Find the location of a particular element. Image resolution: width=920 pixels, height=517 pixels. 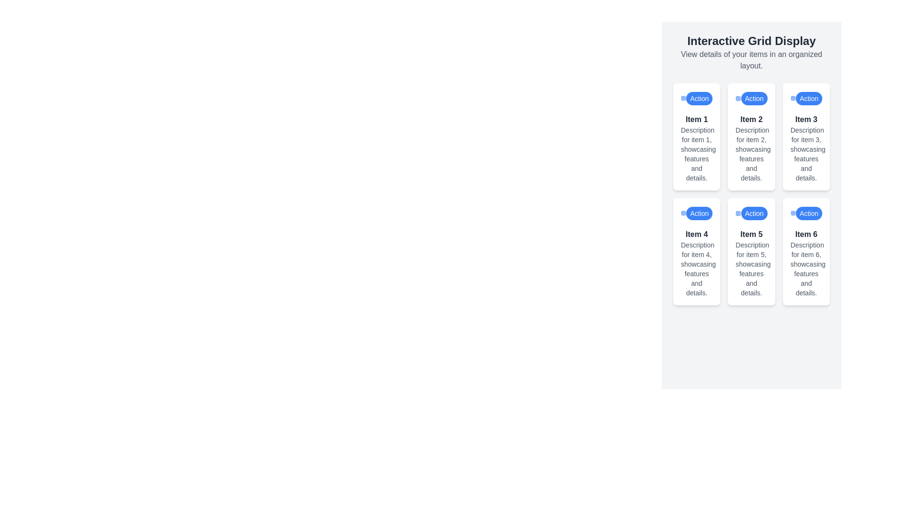

text label that serves as the title for the first card in the grid layout, located in the upper-left corner above the descriptive text is located at coordinates (697, 119).